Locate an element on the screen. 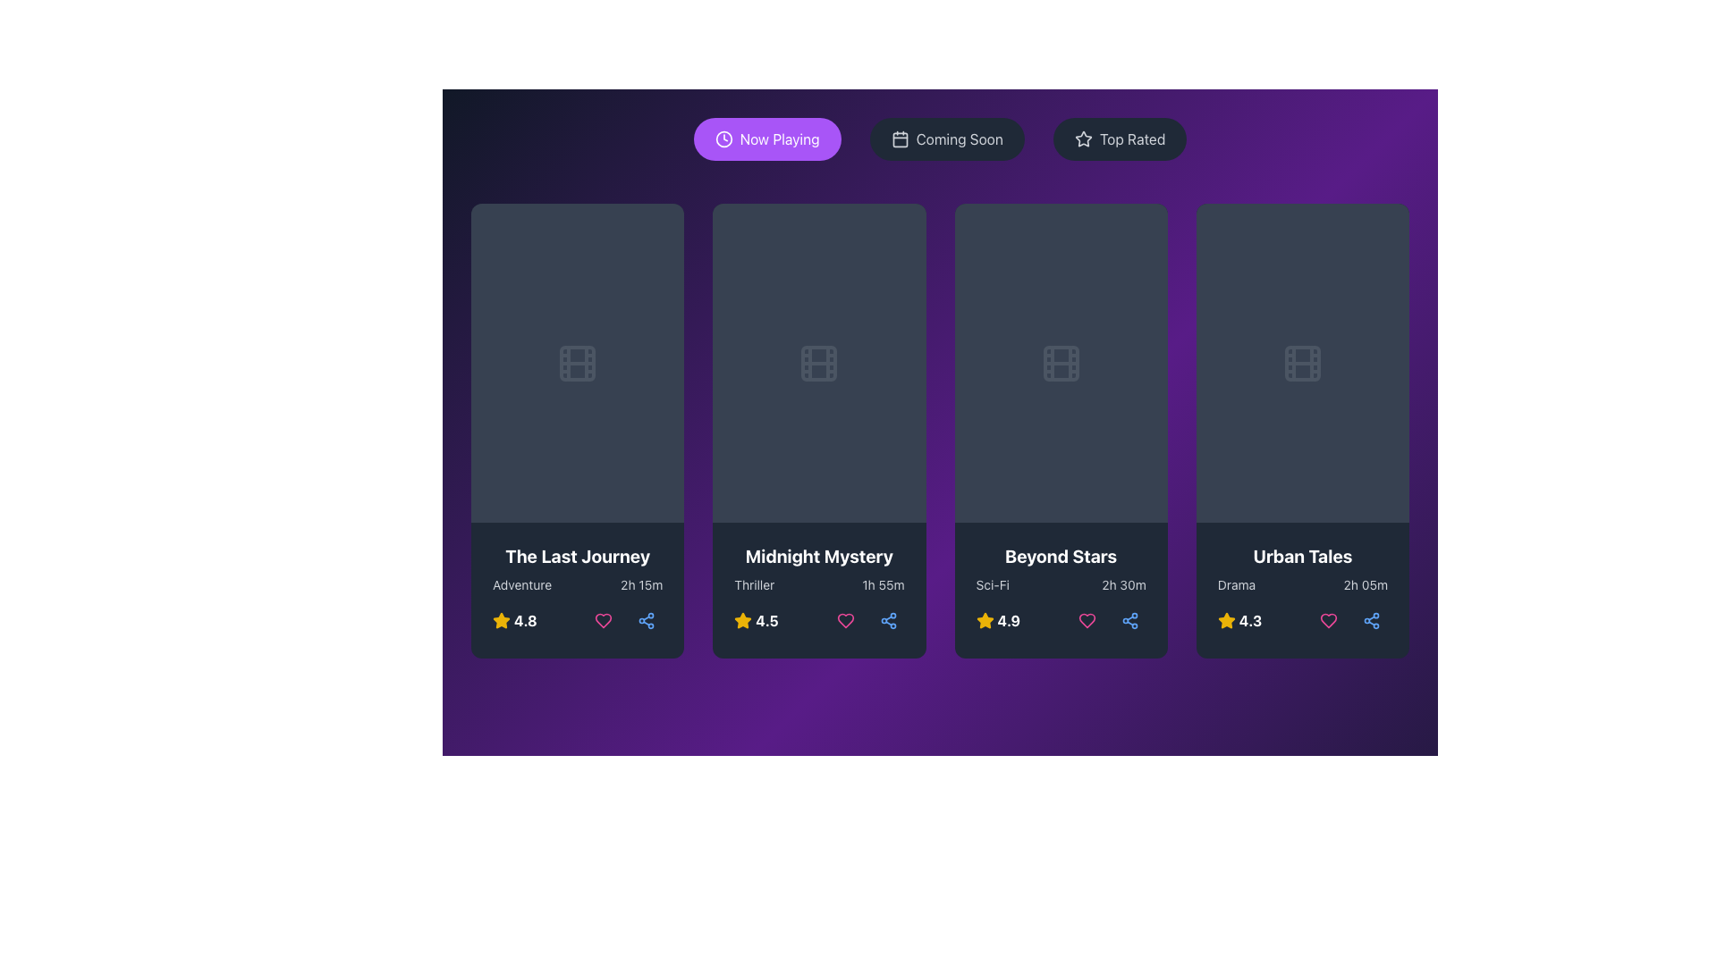  the heart icon used for marking content as liked in the third movie card titled 'Beyond Stars' is located at coordinates (1086, 620).